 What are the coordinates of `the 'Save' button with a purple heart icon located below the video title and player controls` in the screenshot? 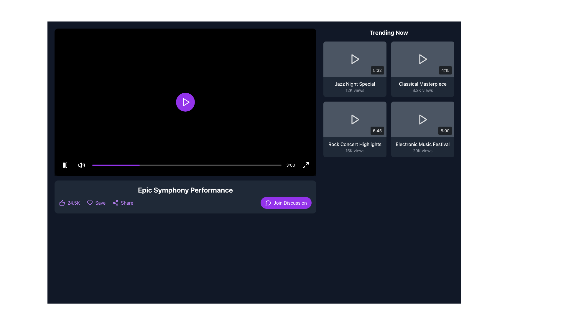 It's located at (96, 202).